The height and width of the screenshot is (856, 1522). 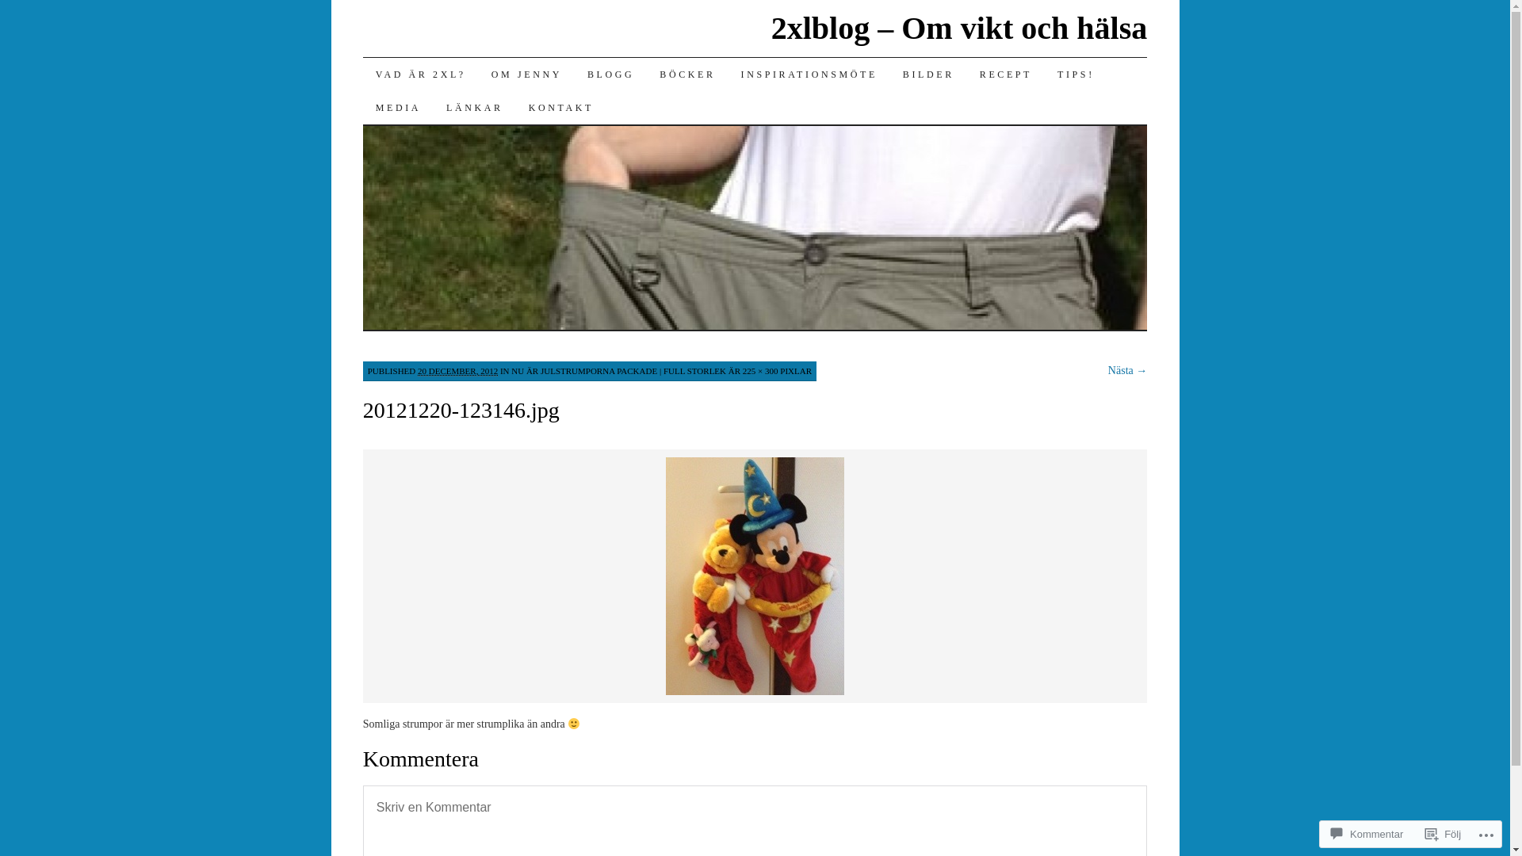 What do you see at coordinates (1076, 74) in the screenshot?
I see `'TIPS!'` at bounding box center [1076, 74].